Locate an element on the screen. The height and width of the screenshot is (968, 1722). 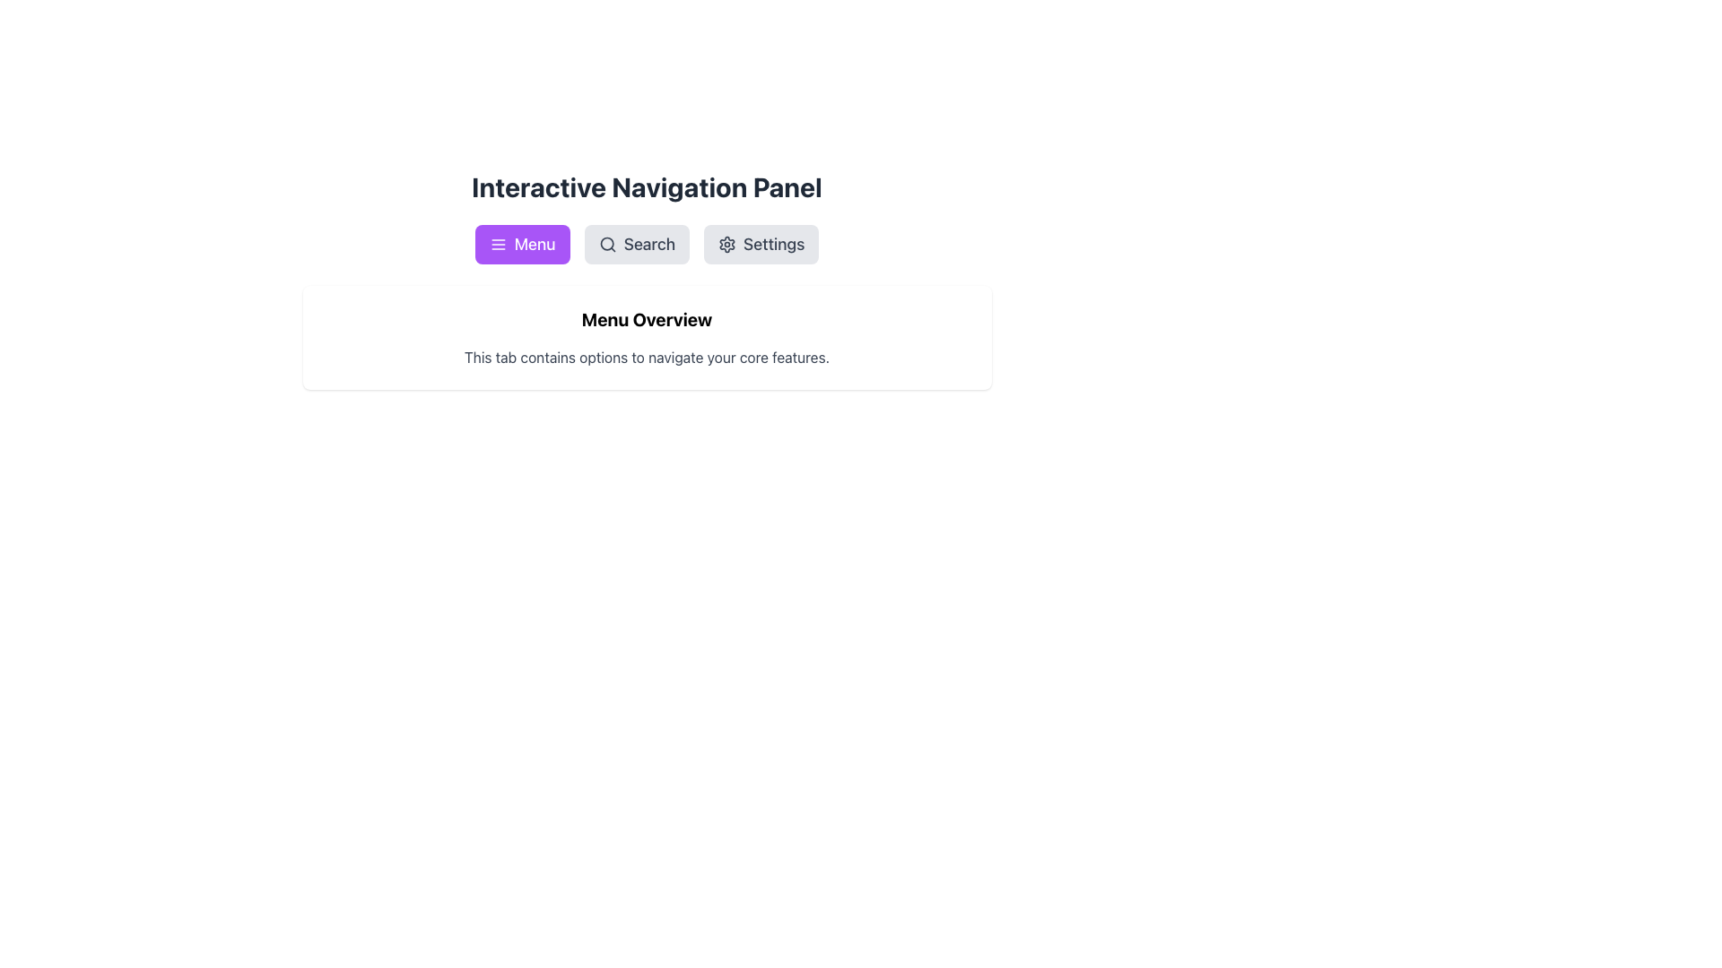
the gear-like settings icon on the light gray button labeled 'Settings' in the top navigation bar is located at coordinates (727, 245).